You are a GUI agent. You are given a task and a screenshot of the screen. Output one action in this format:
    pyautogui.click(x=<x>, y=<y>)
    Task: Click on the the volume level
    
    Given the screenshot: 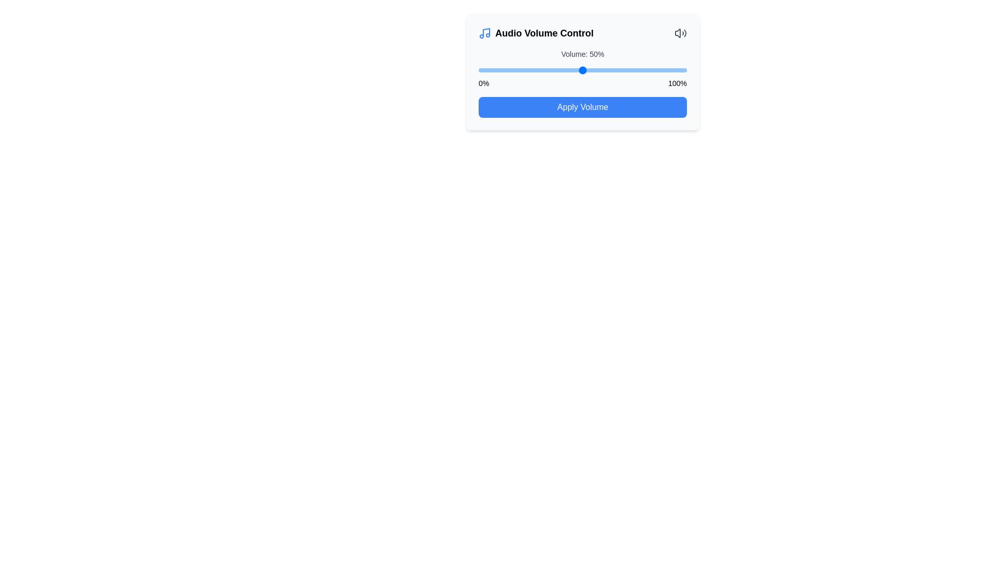 What is the action you would take?
    pyautogui.click(x=605, y=70)
    